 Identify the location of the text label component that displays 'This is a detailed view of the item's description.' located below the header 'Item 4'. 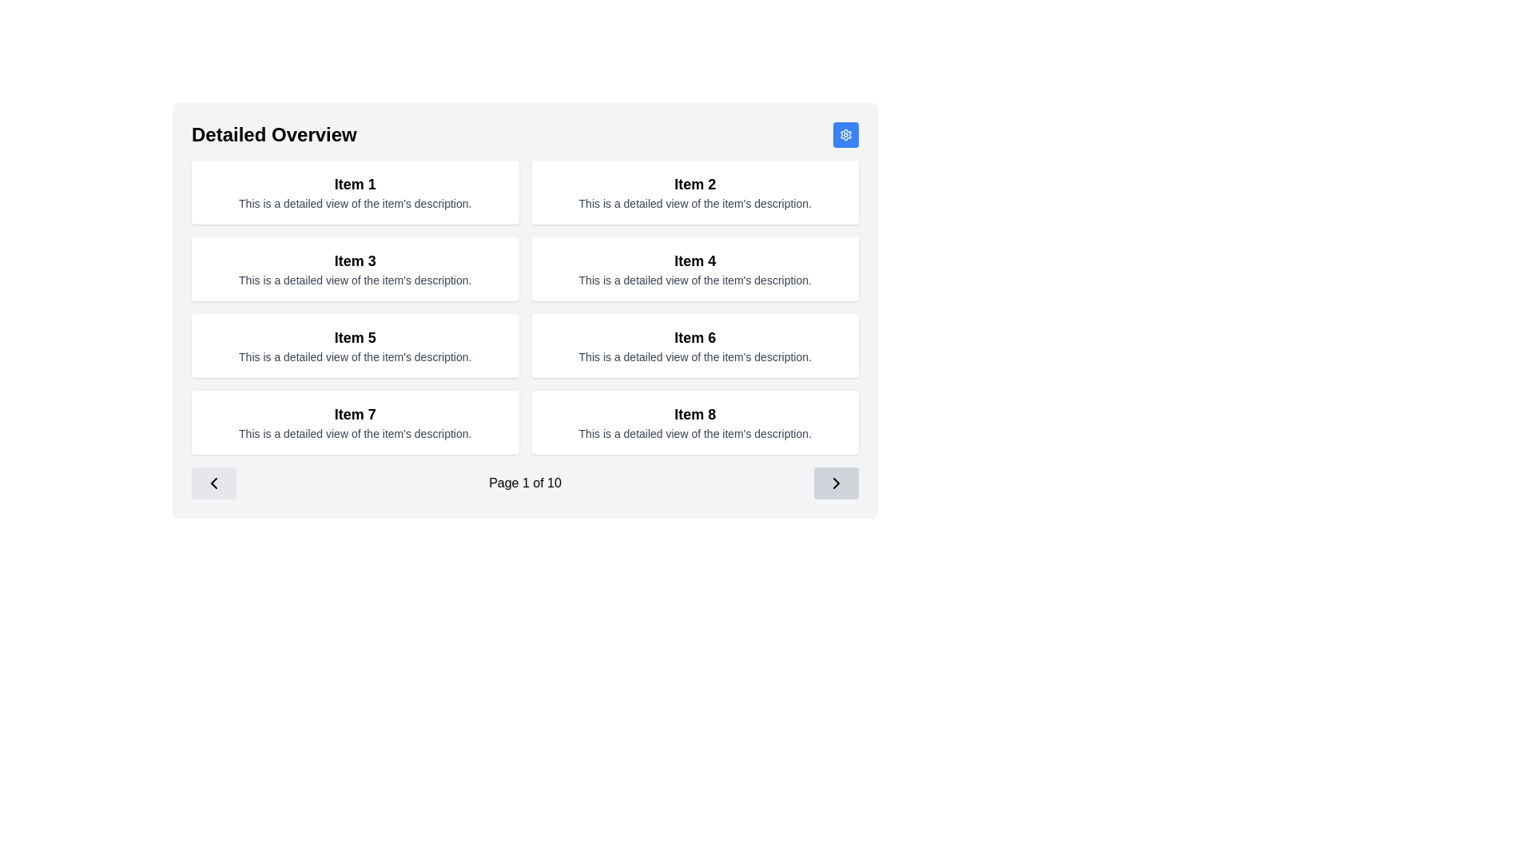
(695, 280).